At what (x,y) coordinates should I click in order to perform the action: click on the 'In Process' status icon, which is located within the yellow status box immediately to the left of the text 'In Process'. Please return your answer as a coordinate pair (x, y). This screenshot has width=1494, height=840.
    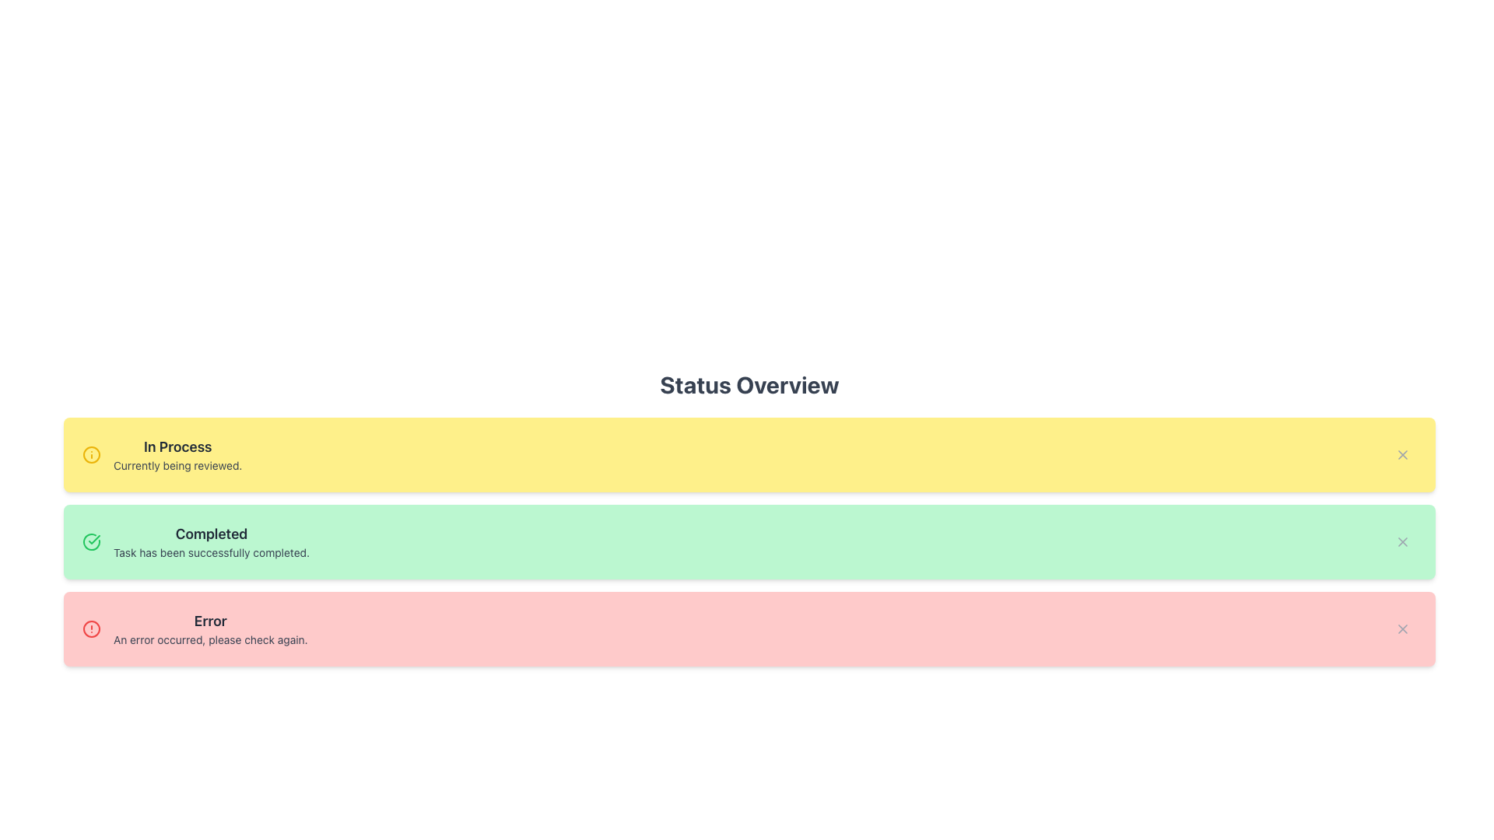
    Looking at the image, I should click on (91, 455).